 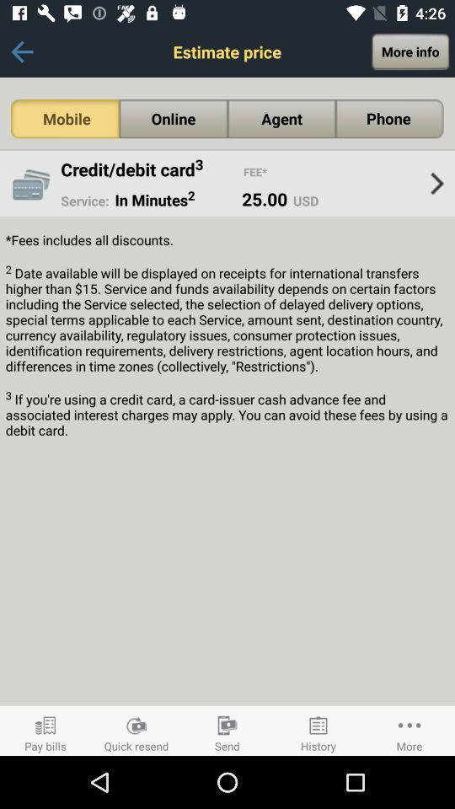 What do you see at coordinates (173, 118) in the screenshot?
I see `the item above the credit/debit card3` at bounding box center [173, 118].